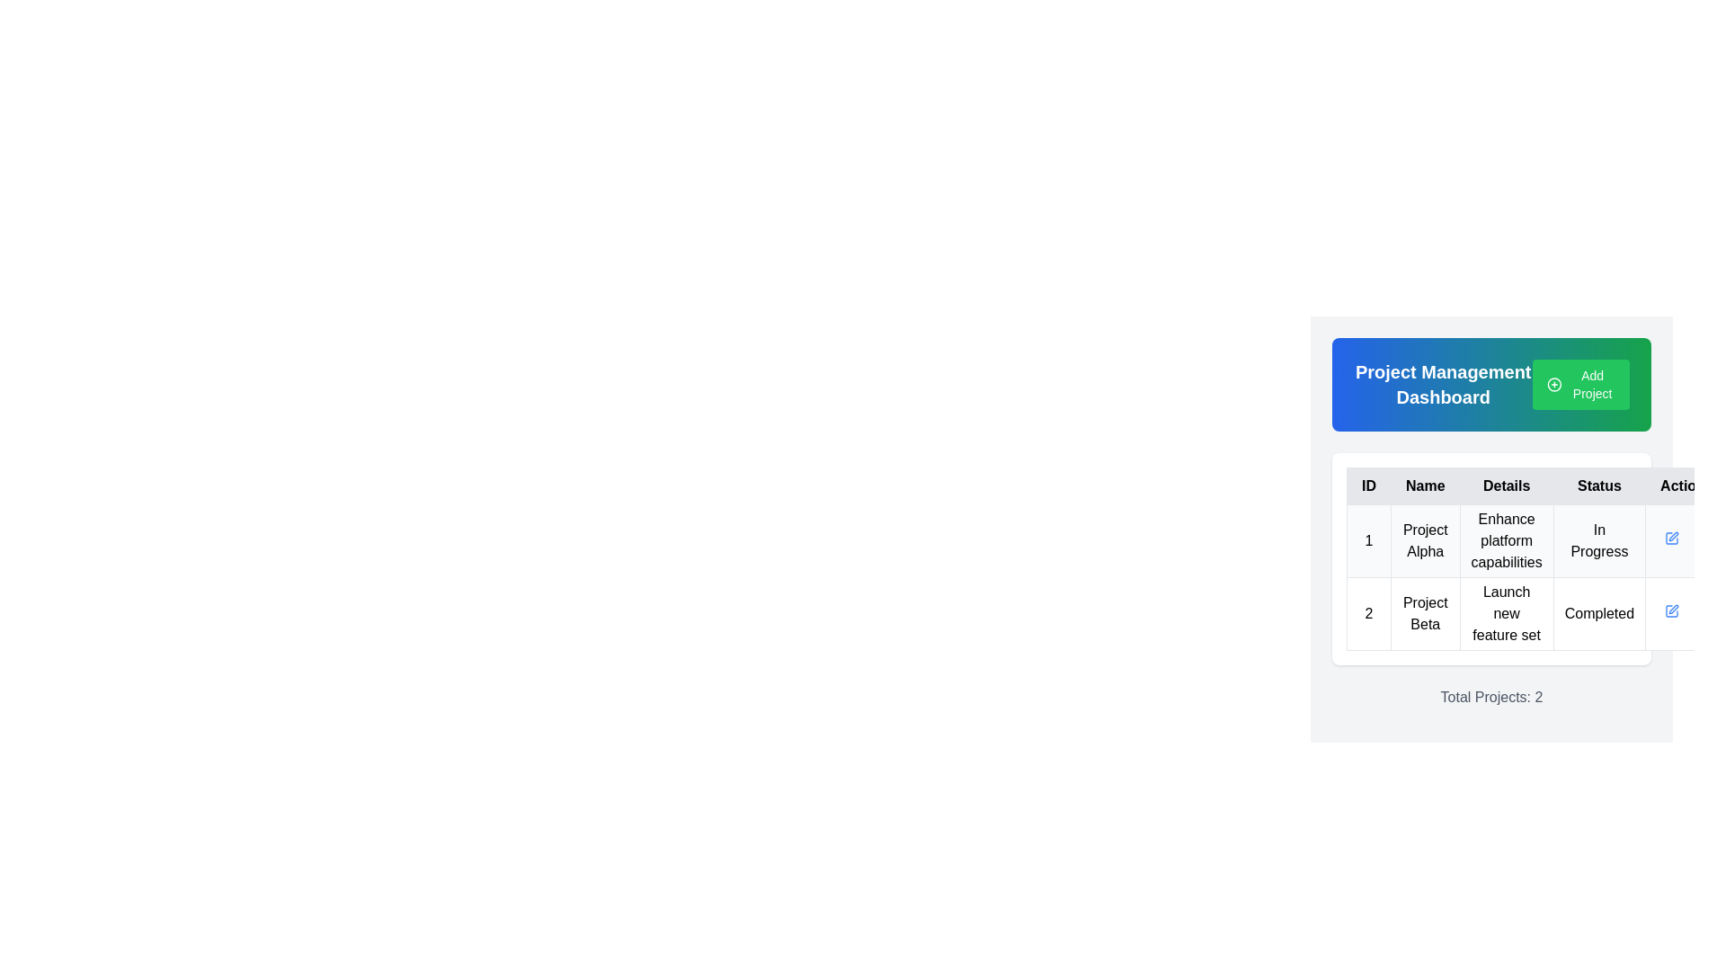 Image resolution: width=1726 pixels, height=971 pixels. I want to click on the Table Header Label that displays the bold, black text 'Details' located in the third column of the header row between 'Name' and 'Status', so click(1507, 485).